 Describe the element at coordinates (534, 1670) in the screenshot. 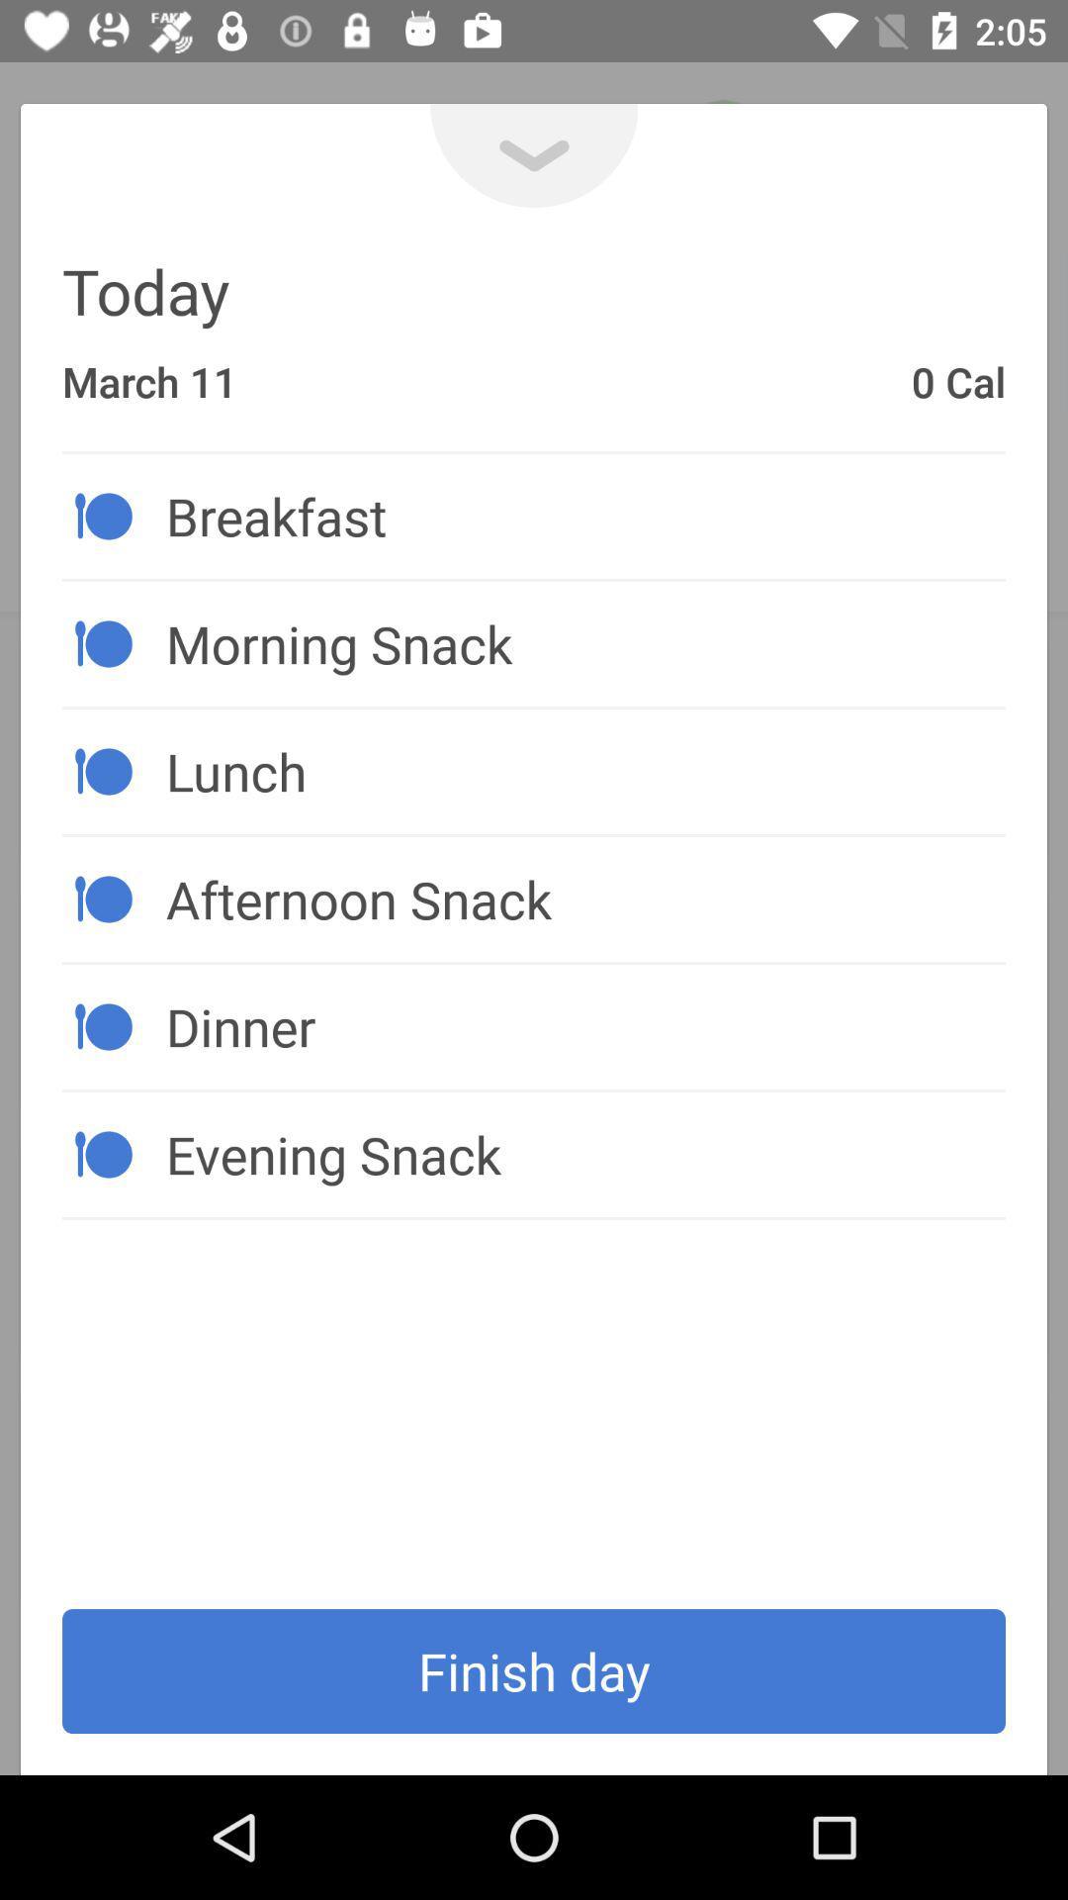

I see `finish day icon` at that location.